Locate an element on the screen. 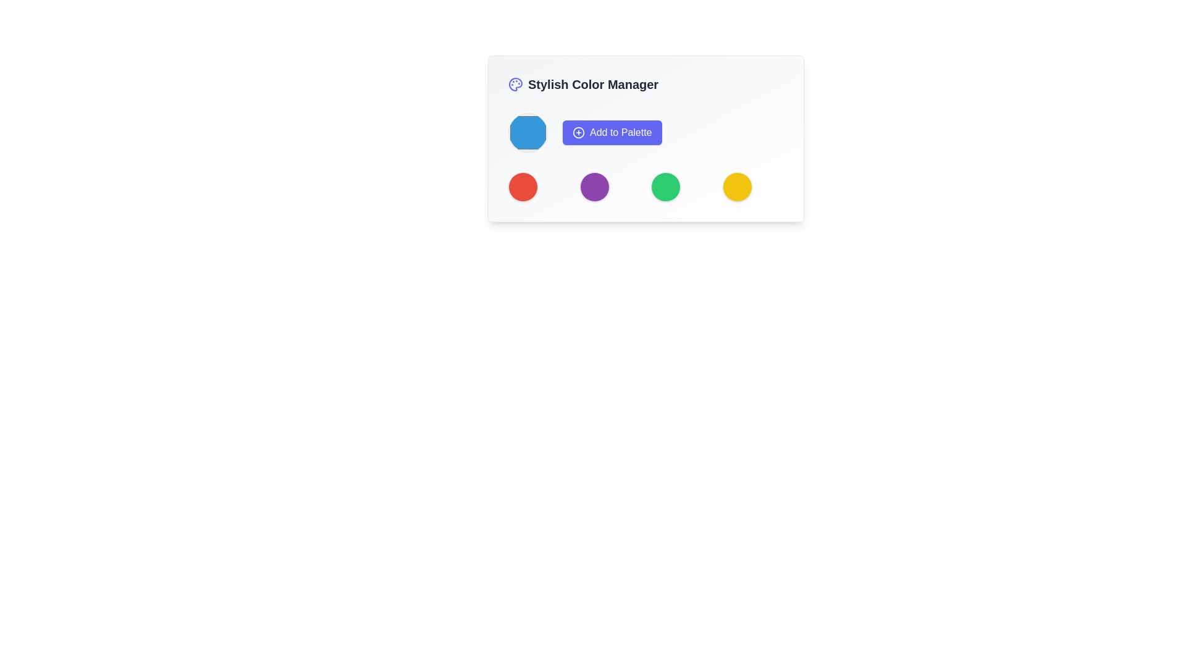 This screenshot has width=1186, height=667. the 'Stylish Color Manager' header with icon, which features a bold text and a blue palette icon on the left is located at coordinates (646, 84).